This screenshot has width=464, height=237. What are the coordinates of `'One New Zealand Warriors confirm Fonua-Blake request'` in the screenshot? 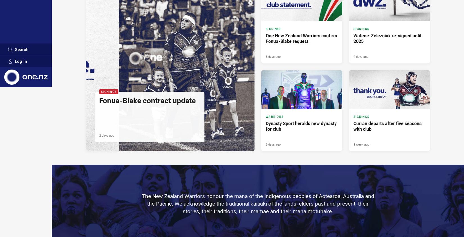 It's located at (301, 38).